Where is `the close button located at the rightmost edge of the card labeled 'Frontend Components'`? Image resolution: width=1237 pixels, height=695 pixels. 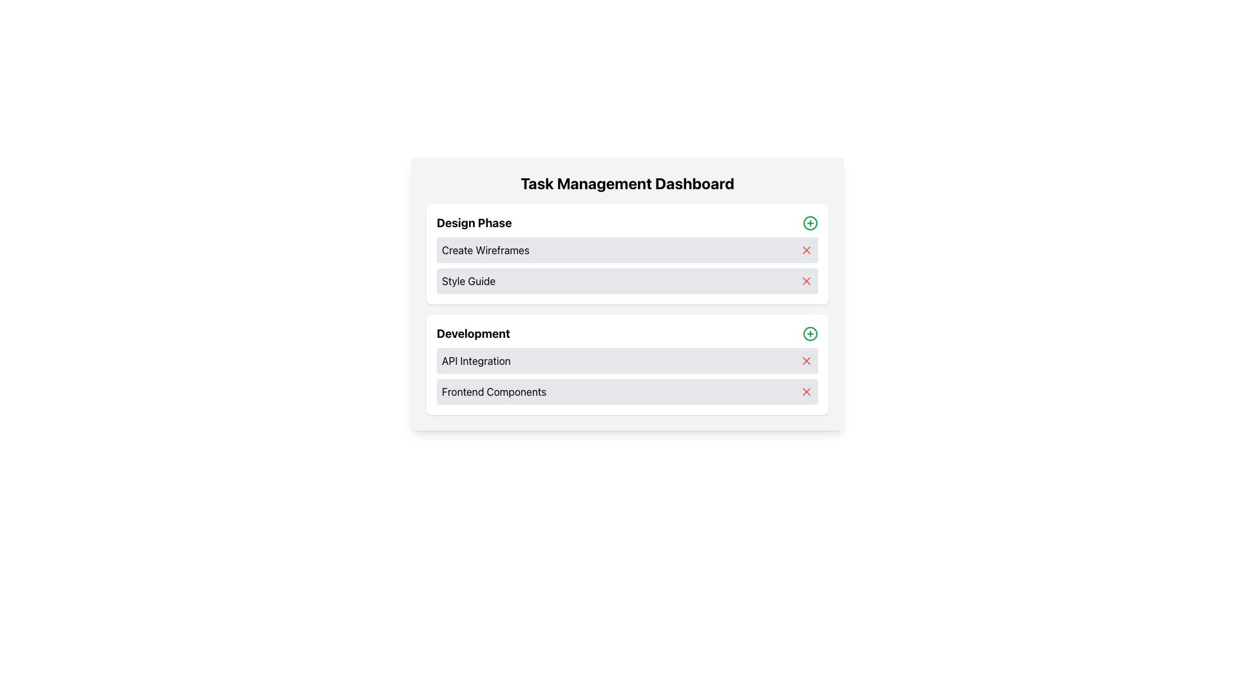
the close button located at the rightmost edge of the card labeled 'Frontend Components' is located at coordinates (806, 391).